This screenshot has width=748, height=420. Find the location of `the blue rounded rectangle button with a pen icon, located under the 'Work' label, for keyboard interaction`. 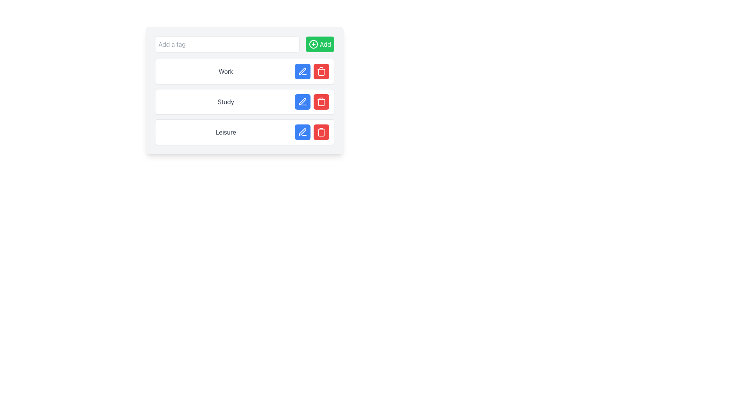

the blue rounded rectangle button with a pen icon, located under the 'Work' label, for keyboard interaction is located at coordinates (302, 72).